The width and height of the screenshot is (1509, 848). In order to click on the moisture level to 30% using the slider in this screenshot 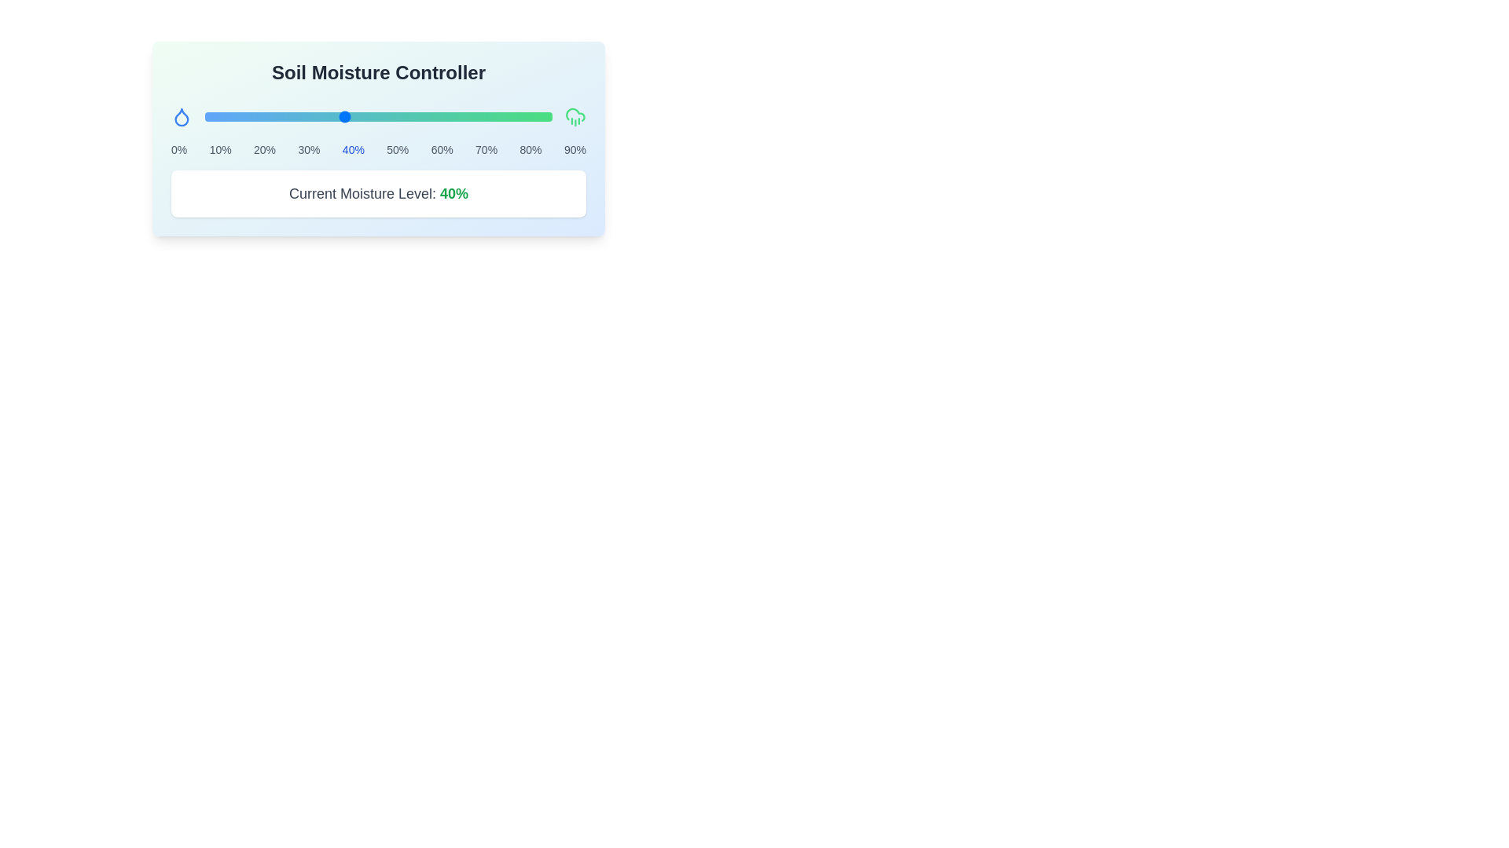, I will do `click(309, 116)`.